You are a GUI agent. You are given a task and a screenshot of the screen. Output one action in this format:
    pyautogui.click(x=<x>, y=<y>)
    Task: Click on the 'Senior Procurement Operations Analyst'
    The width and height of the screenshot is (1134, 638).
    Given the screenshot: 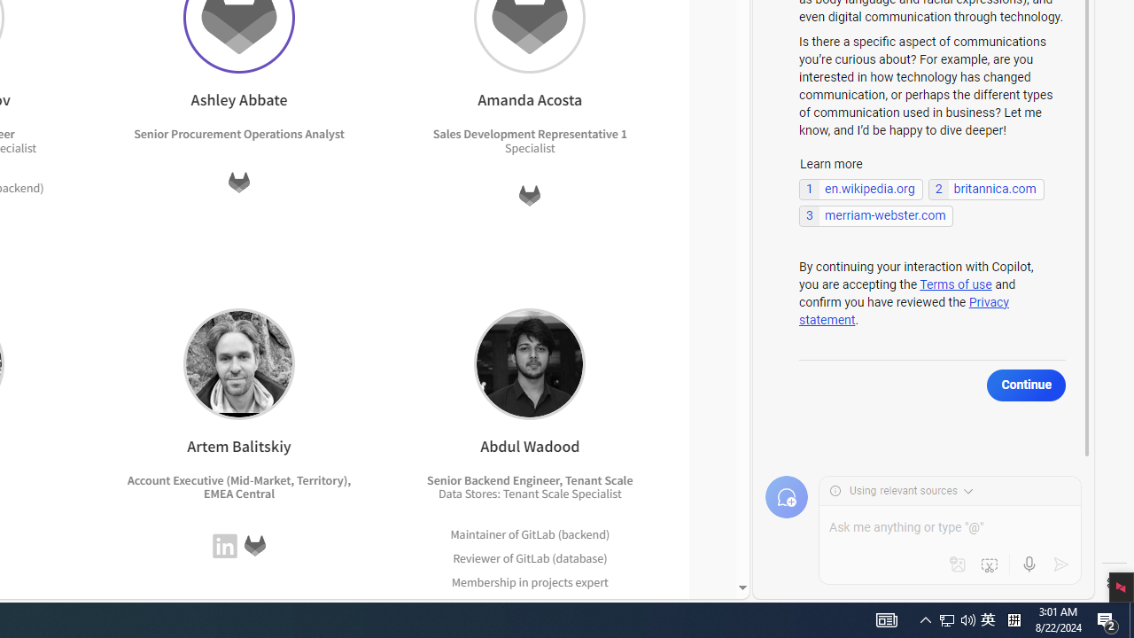 What is the action you would take?
    pyautogui.click(x=238, y=133)
    